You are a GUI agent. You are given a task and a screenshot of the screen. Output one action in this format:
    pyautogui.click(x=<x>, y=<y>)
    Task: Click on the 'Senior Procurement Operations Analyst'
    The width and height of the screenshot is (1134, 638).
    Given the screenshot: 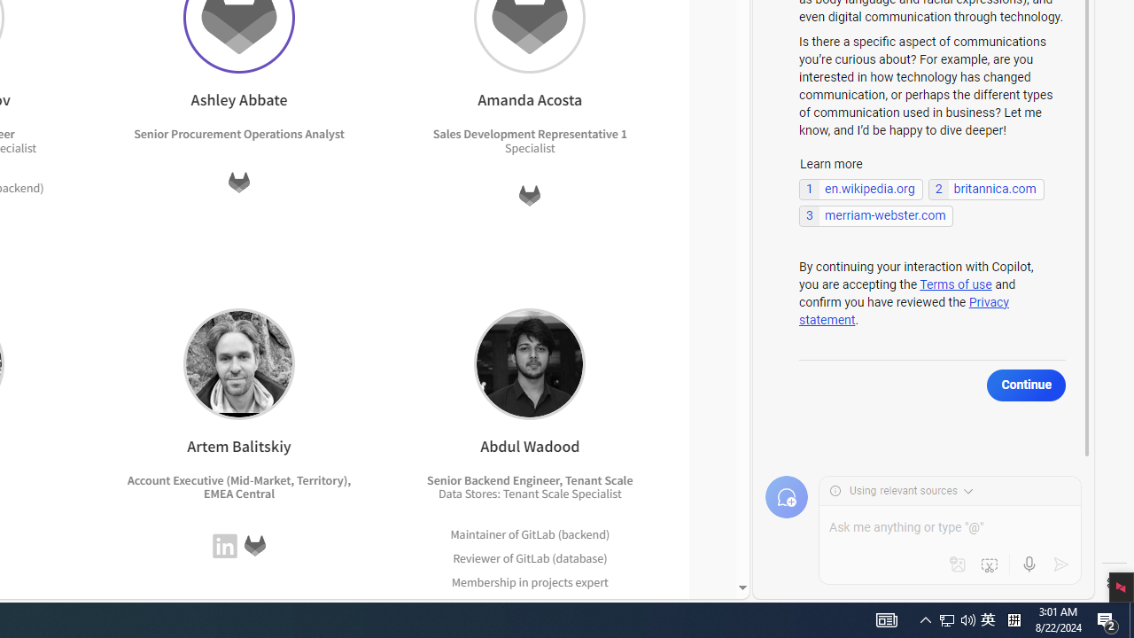 What is the action you would take?
    pyautogui.click(x=238, y=133)
    